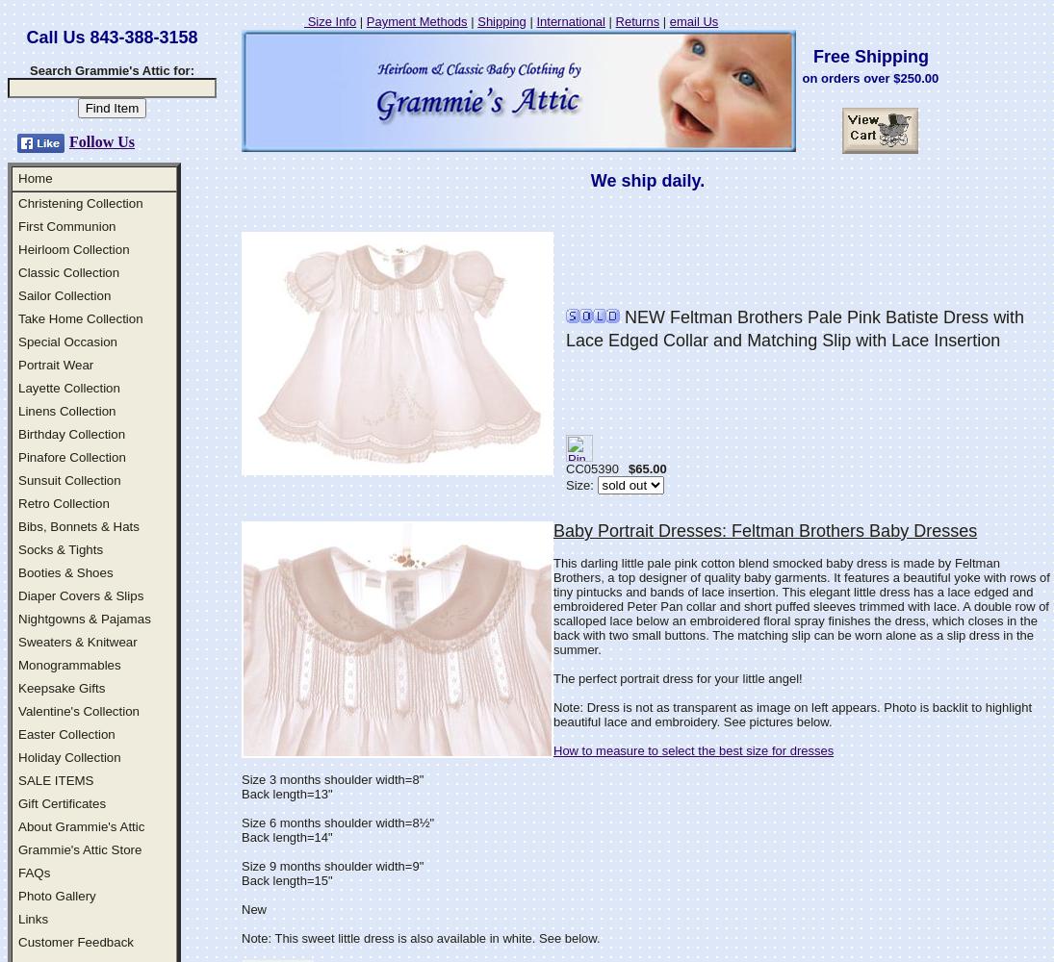  Describe the element at coordinates (68, 757) in the screenshot. I see `'Holiday Collection'` at that location.